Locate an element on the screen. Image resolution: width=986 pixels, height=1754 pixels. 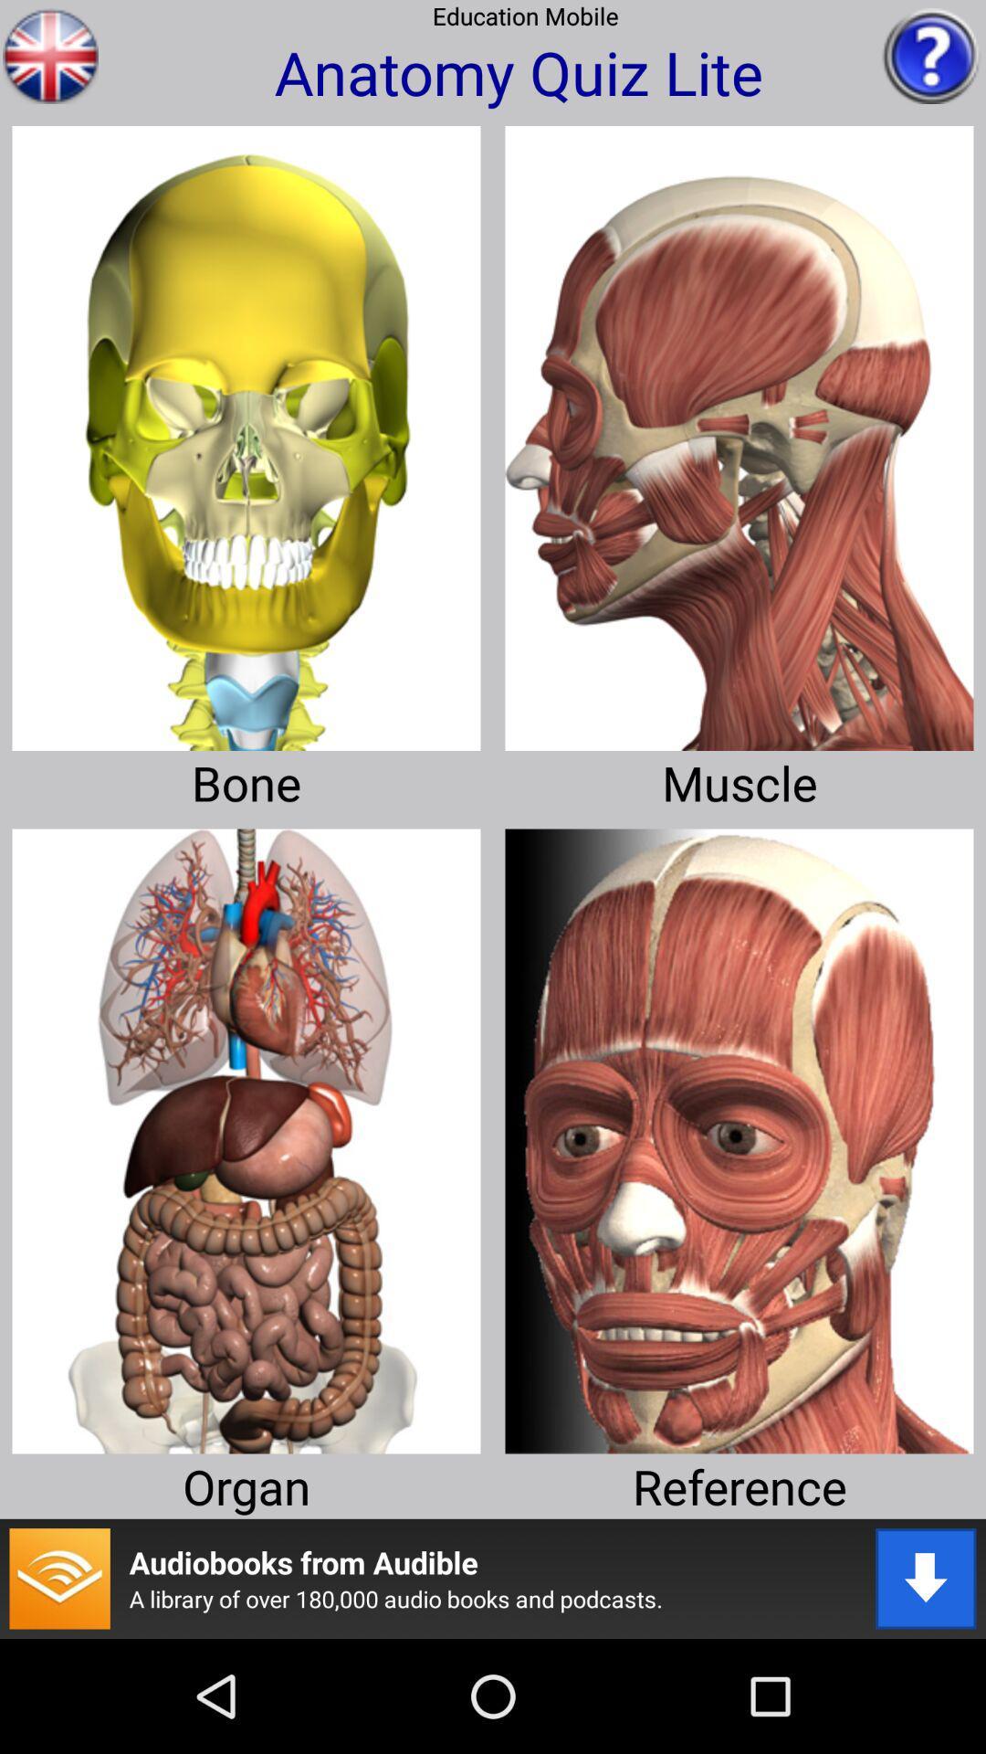
open muscle is located at coordinates (739, 430).